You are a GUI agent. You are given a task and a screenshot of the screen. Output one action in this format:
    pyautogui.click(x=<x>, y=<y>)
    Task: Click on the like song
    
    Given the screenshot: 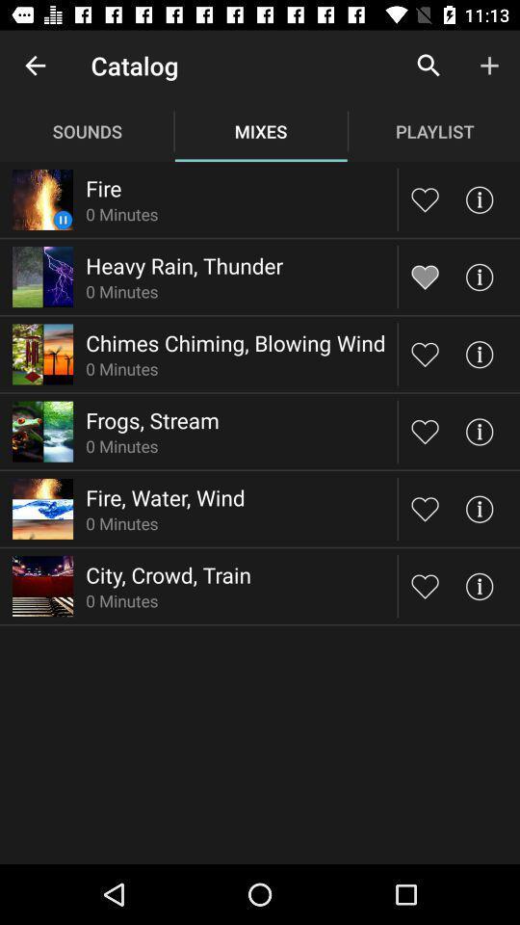 What is the action you would take?
    pyautogui.click(x=425, y=353)
    